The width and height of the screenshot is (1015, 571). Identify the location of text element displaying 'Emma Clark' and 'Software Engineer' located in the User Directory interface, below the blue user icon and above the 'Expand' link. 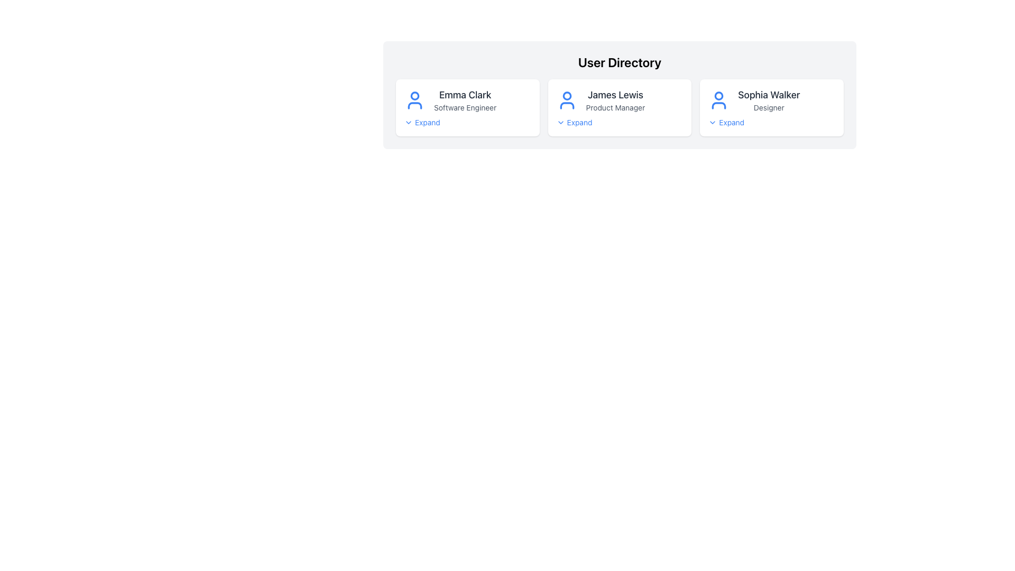
(465, 100).